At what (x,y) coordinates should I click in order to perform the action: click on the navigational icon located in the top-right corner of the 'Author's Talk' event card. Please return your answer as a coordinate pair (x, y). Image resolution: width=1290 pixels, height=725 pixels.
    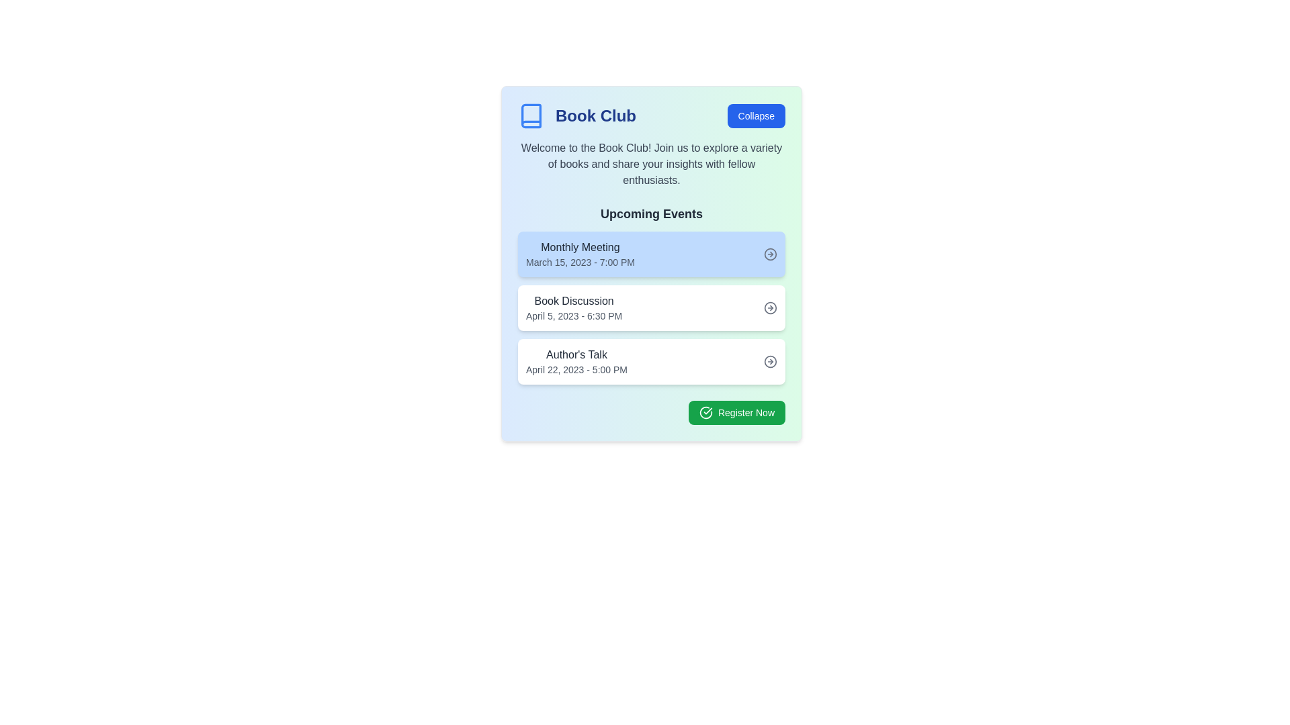
    Looking at the image, I should click on (771, 361).